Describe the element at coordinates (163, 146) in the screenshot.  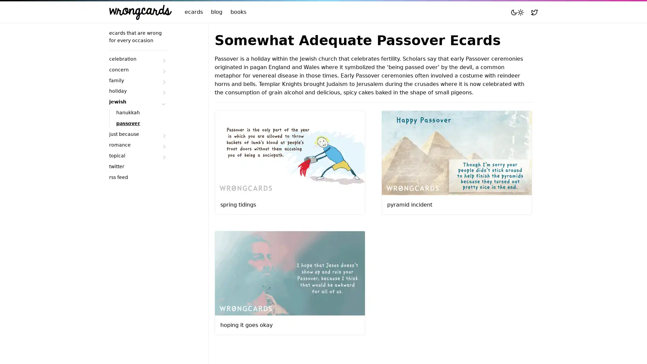
I see `Submenu` at that location.